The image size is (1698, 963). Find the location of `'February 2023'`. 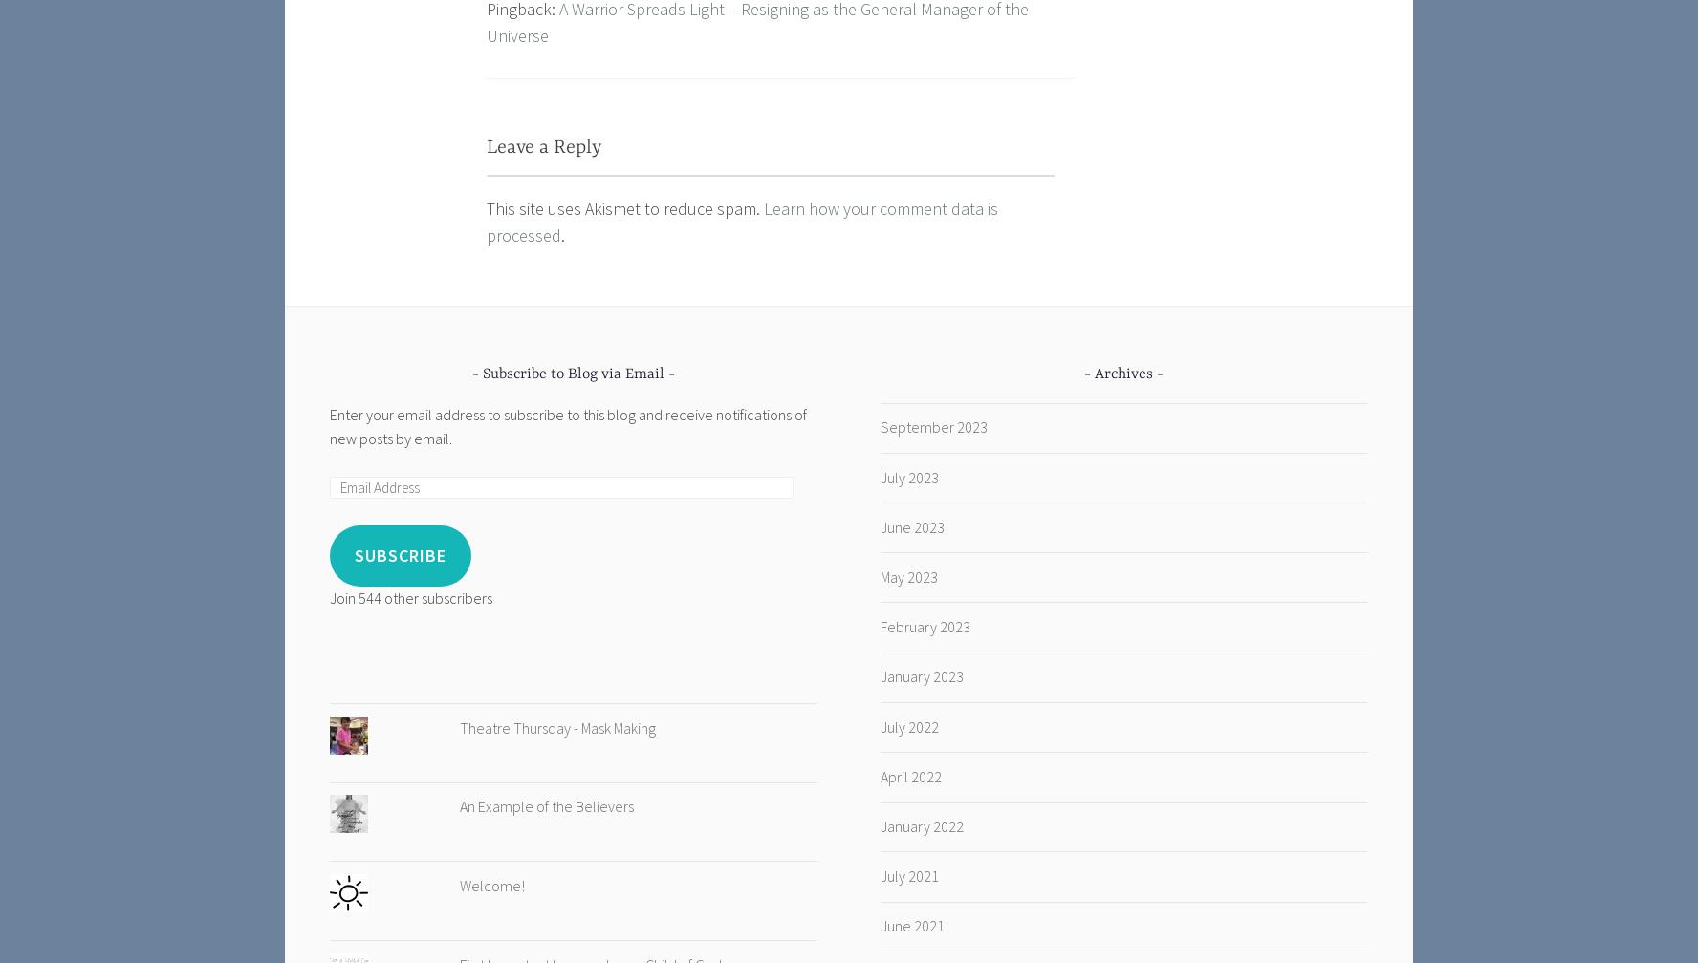

'February 2023' is located at coordinates (925, 627).